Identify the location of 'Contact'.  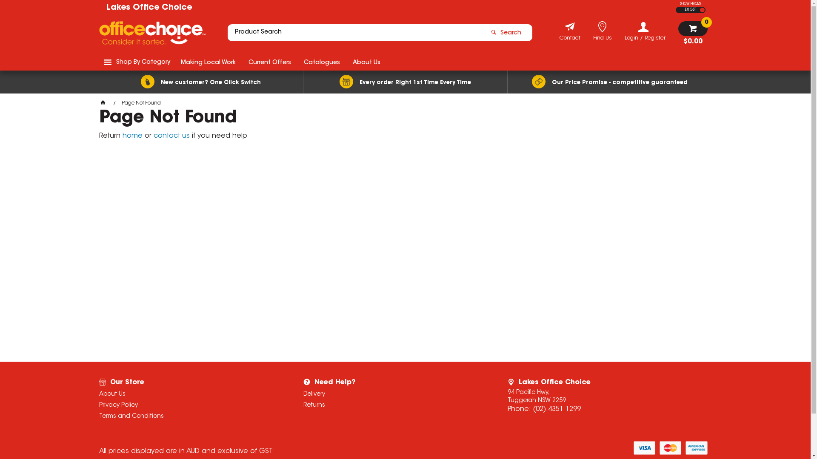
(569, 39).